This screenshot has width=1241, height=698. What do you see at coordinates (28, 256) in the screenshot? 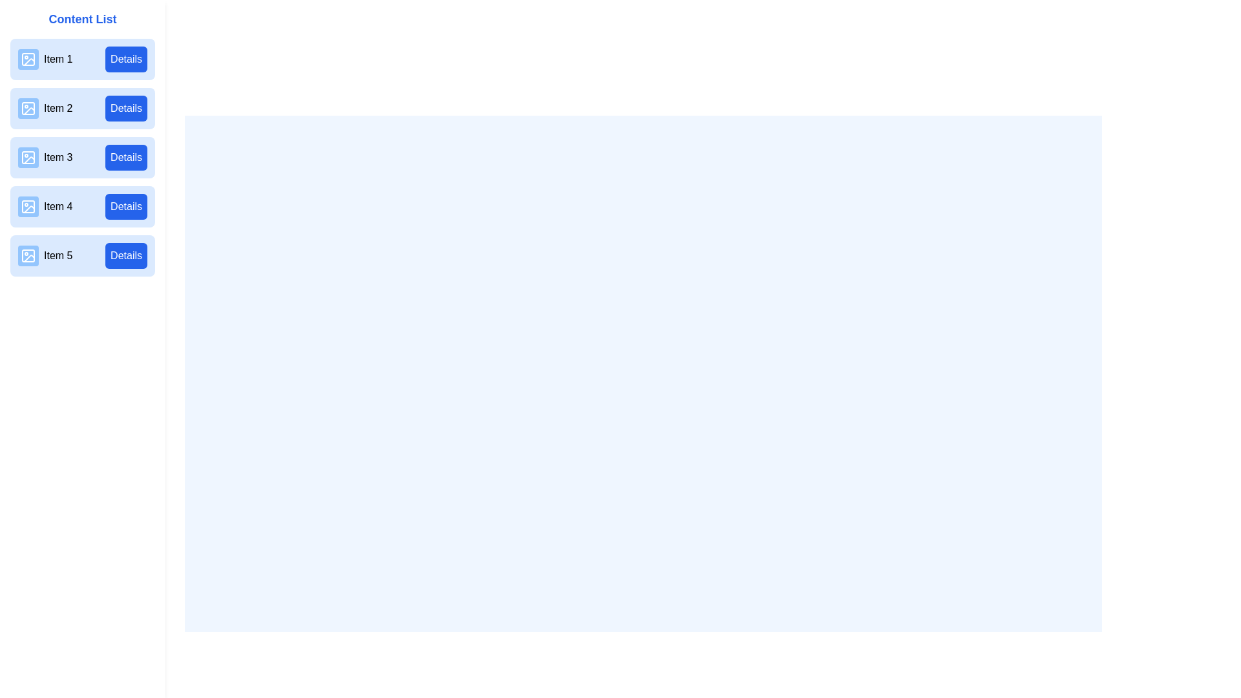
I see `the small blue circular button with a white layered image icon located to the left of the 'Item 5' label` at bounding box center [28, 256].